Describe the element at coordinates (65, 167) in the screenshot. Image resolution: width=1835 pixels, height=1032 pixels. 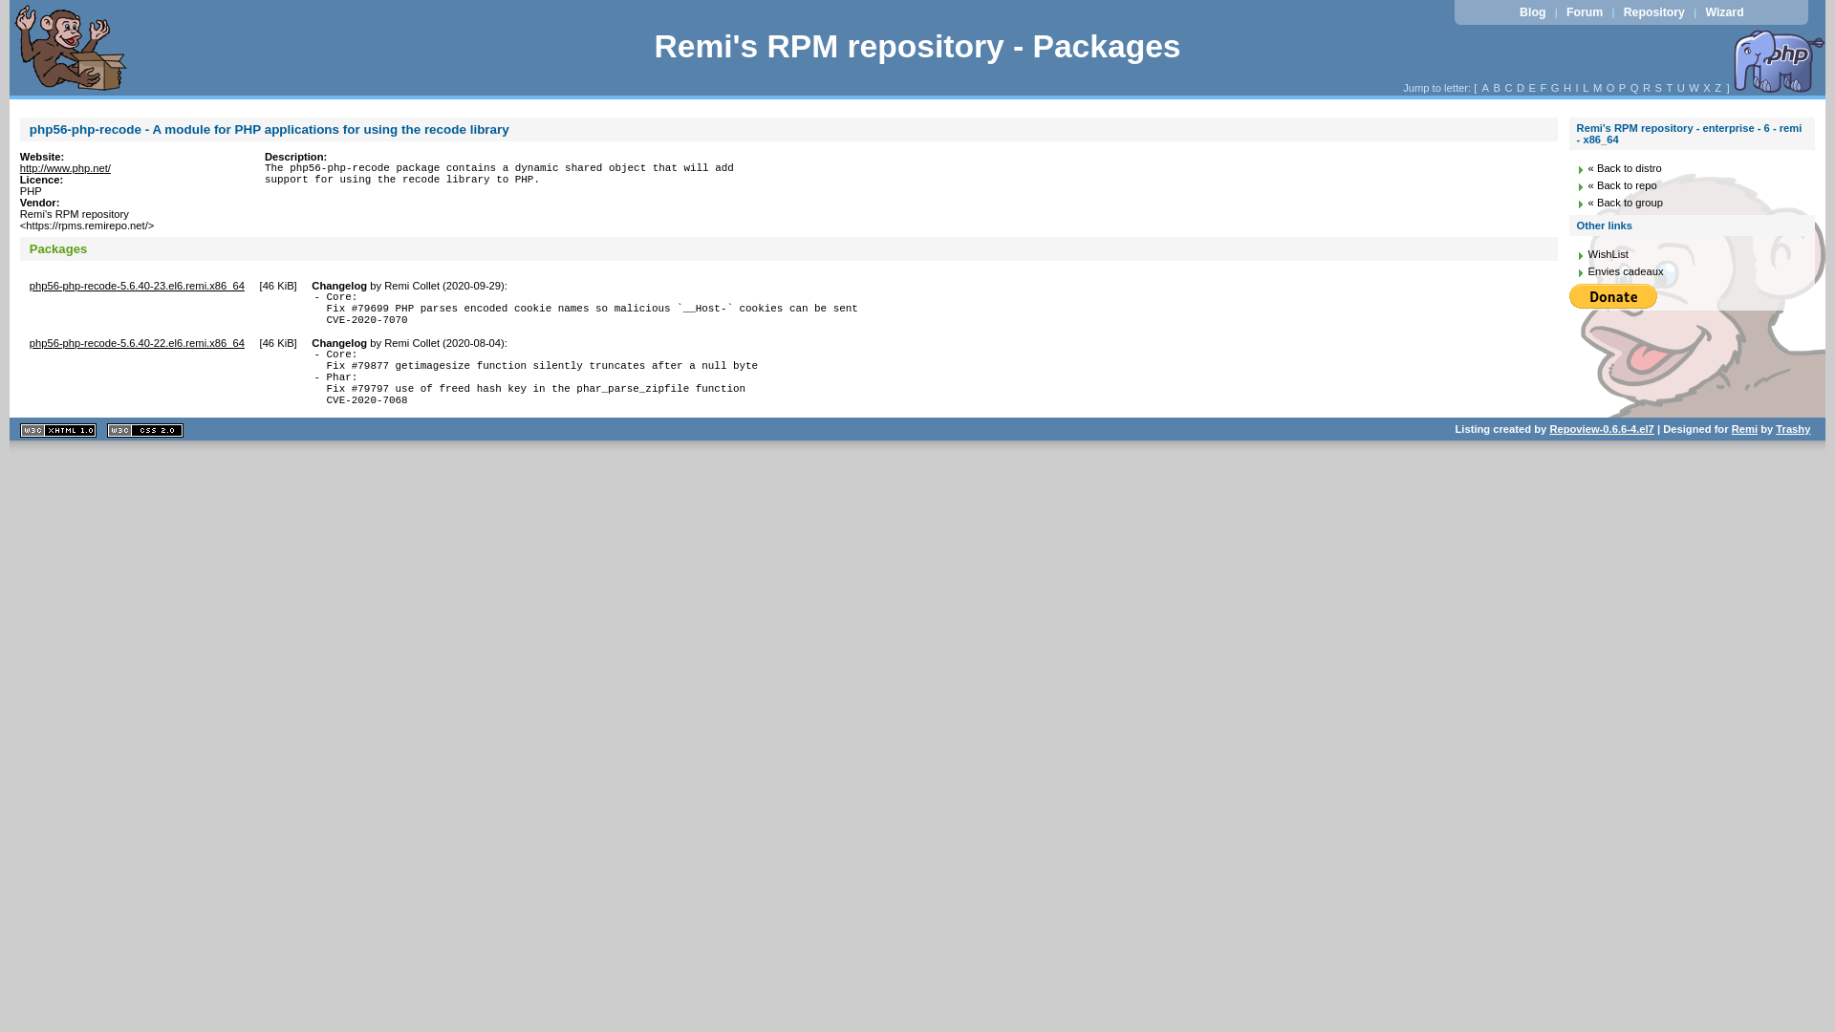
I see `'http://www.php.net/'` at that location.